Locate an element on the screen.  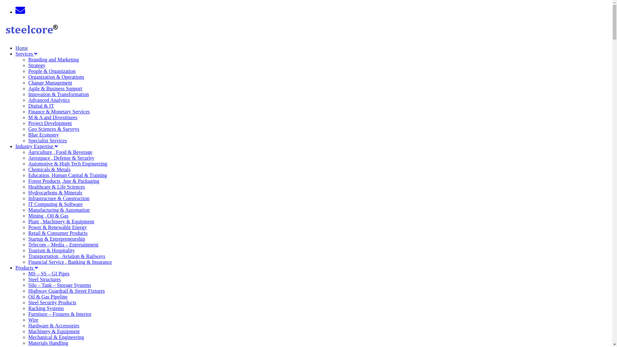
'Products' is located at coordinates (26, 268).